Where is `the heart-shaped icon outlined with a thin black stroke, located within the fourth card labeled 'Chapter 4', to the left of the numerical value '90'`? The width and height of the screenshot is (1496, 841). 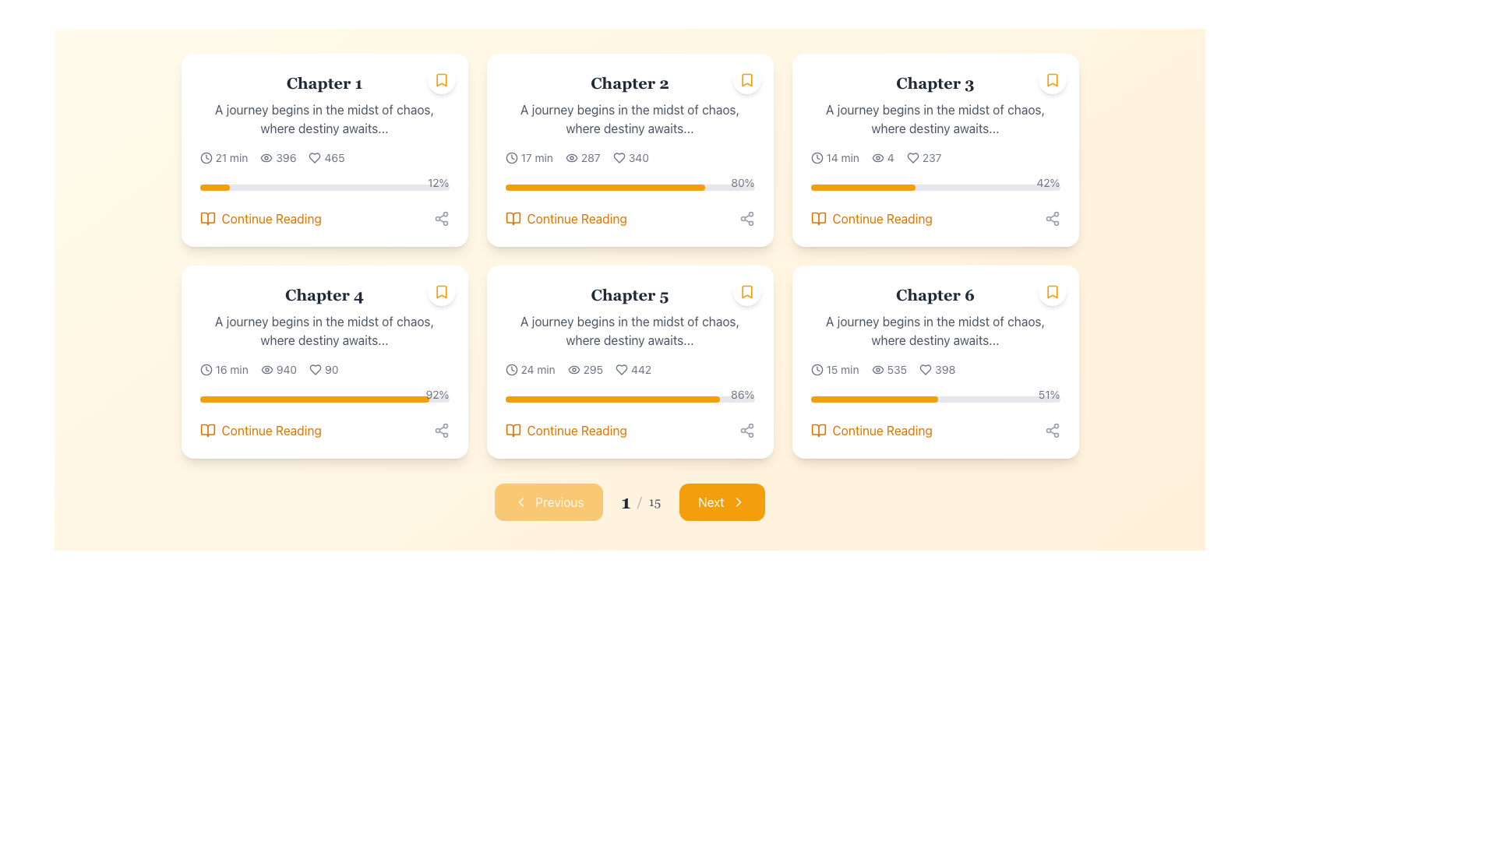 the heart-shaped icon outlined with a thin black stroke, located within the fourth card labeled 'Chapter 4', to the left of the numerical value '90' is located at coordinates (315, 369).